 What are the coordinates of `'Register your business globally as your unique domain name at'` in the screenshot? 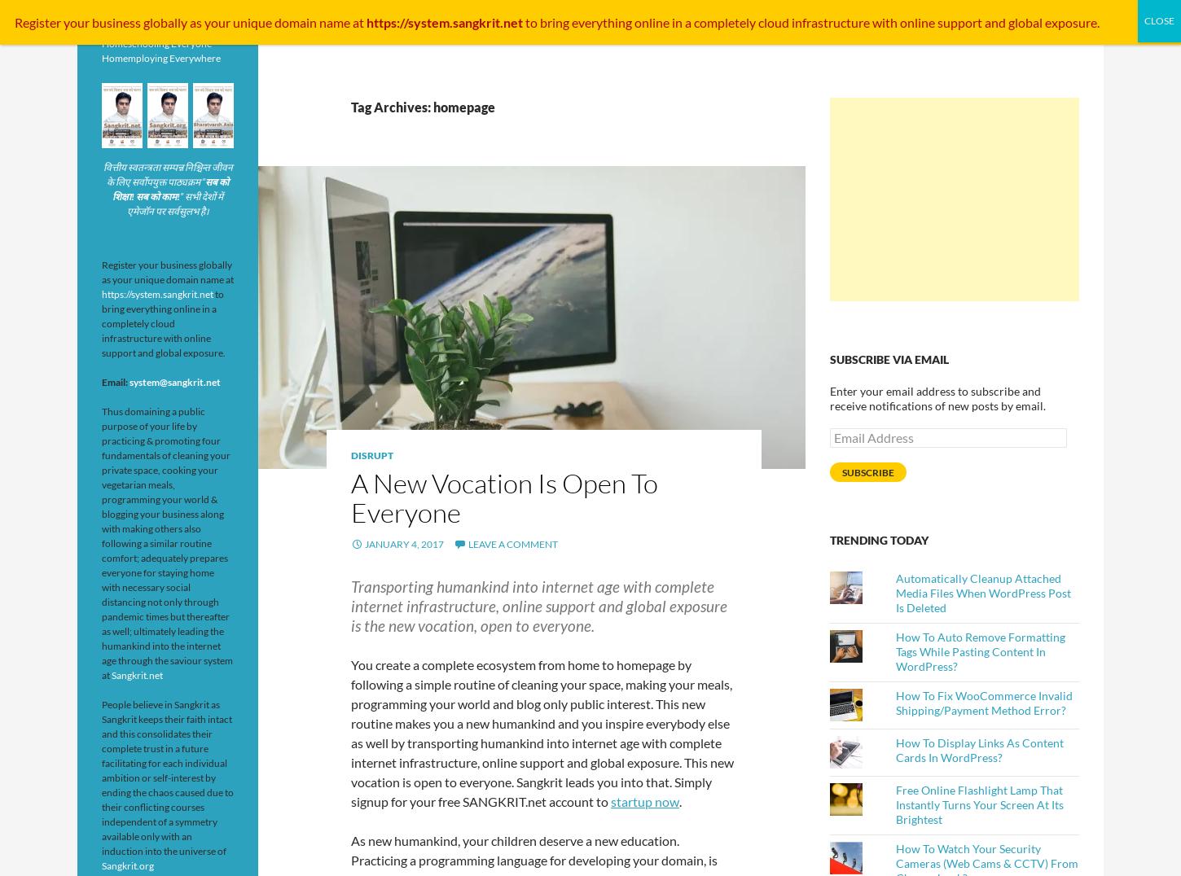 It's located at (167, 272).